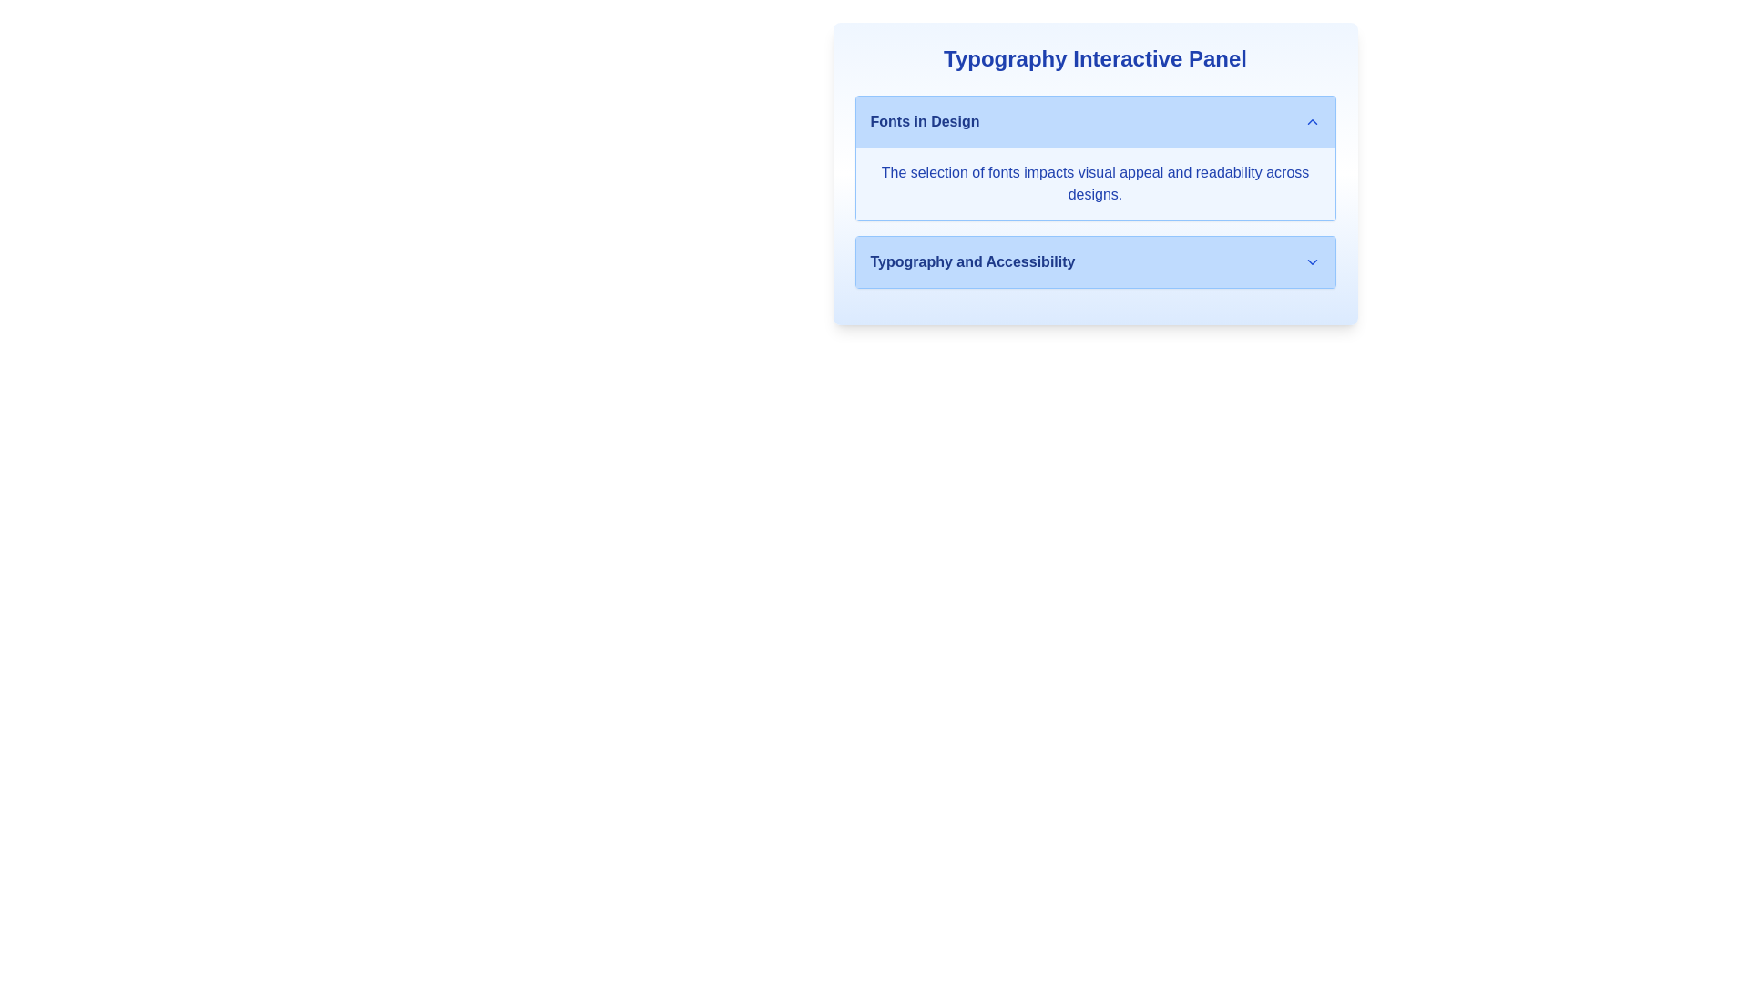 The height and width of the screenshot is (984, 1749). What do you see at coordinates (1094, 183) in the screenshot?
I see `the static text element that provides context for 'Fonts in Design', located under the heading and above the toggle icon` at bounding box center [1094, 183].